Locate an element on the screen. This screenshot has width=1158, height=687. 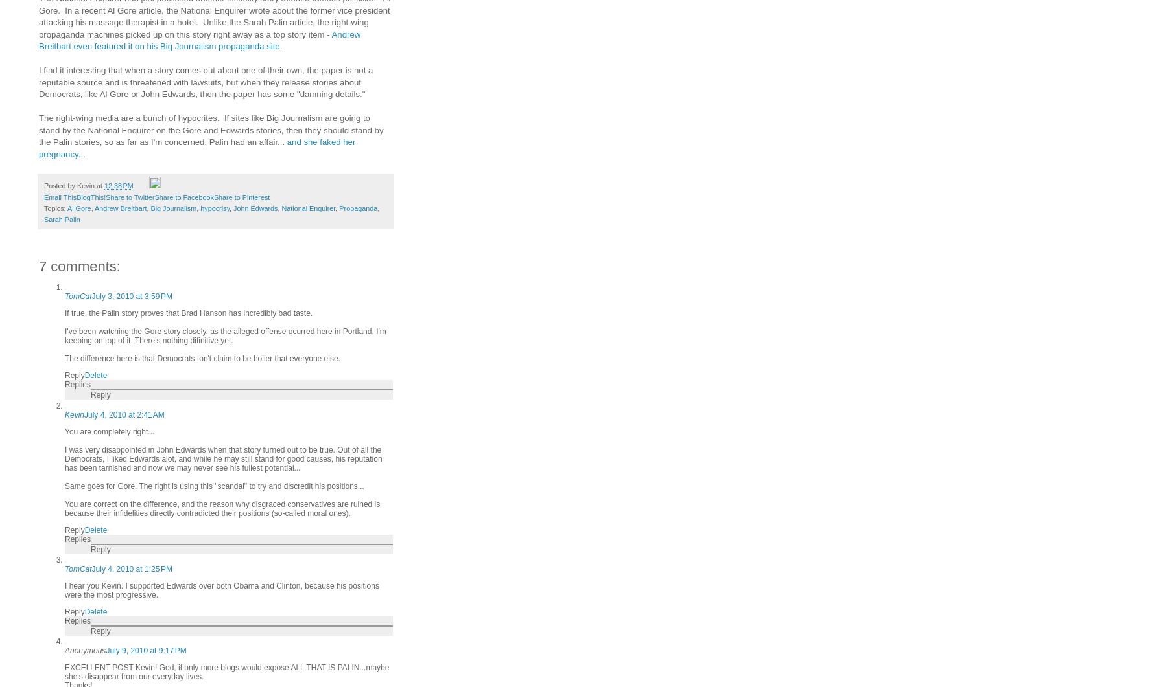
'I find it interesting that when a story comes out about one of their own, the paper is not a reputable source and is threatened with lawsuits, but when they release stories about Democrats, like Al Gore or John Edwards, then the paper has some "damning details."' is located at coordinates (206, 82).